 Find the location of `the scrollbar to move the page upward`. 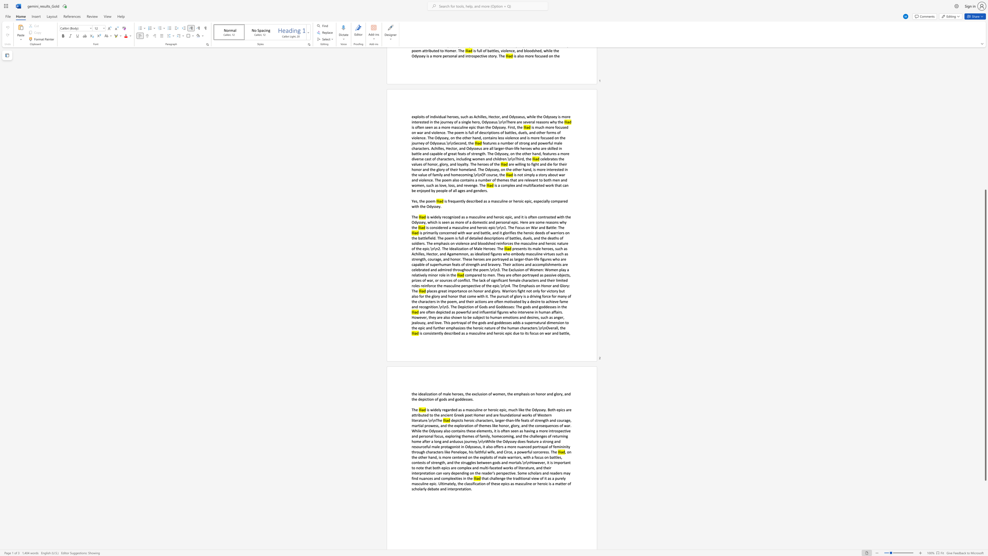

the scrollbar to move the page upward is located at coordinates (985, 107).